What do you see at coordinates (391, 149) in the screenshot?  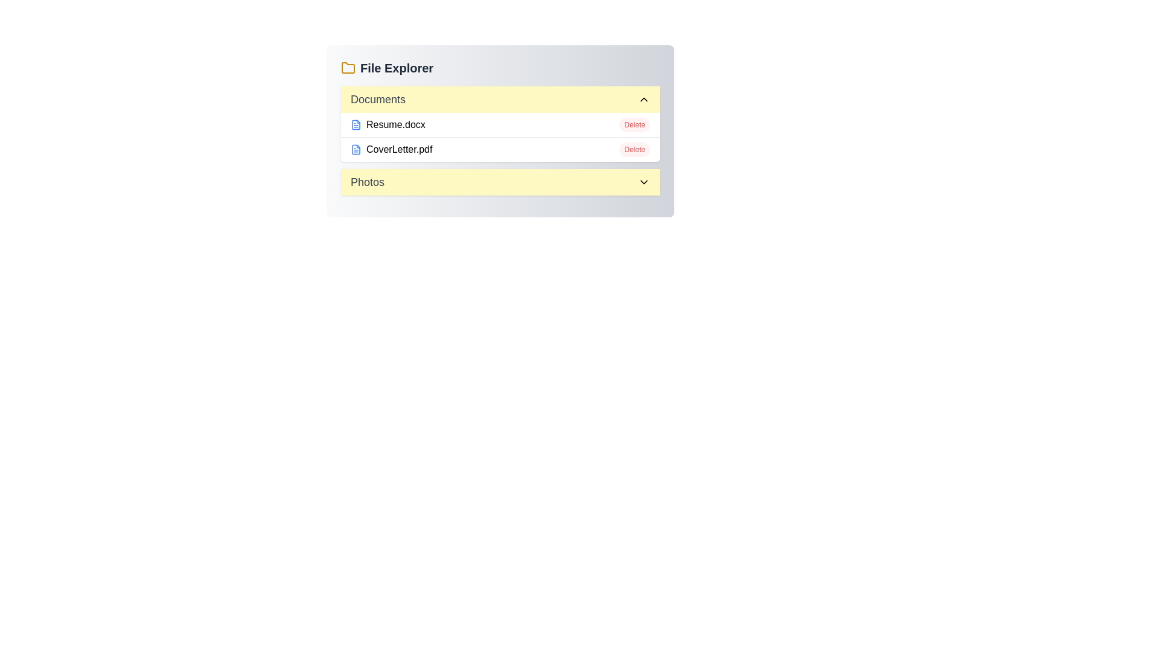 I see `the file CoverLetter.pdf to open it` at bounding box center [391, 149].